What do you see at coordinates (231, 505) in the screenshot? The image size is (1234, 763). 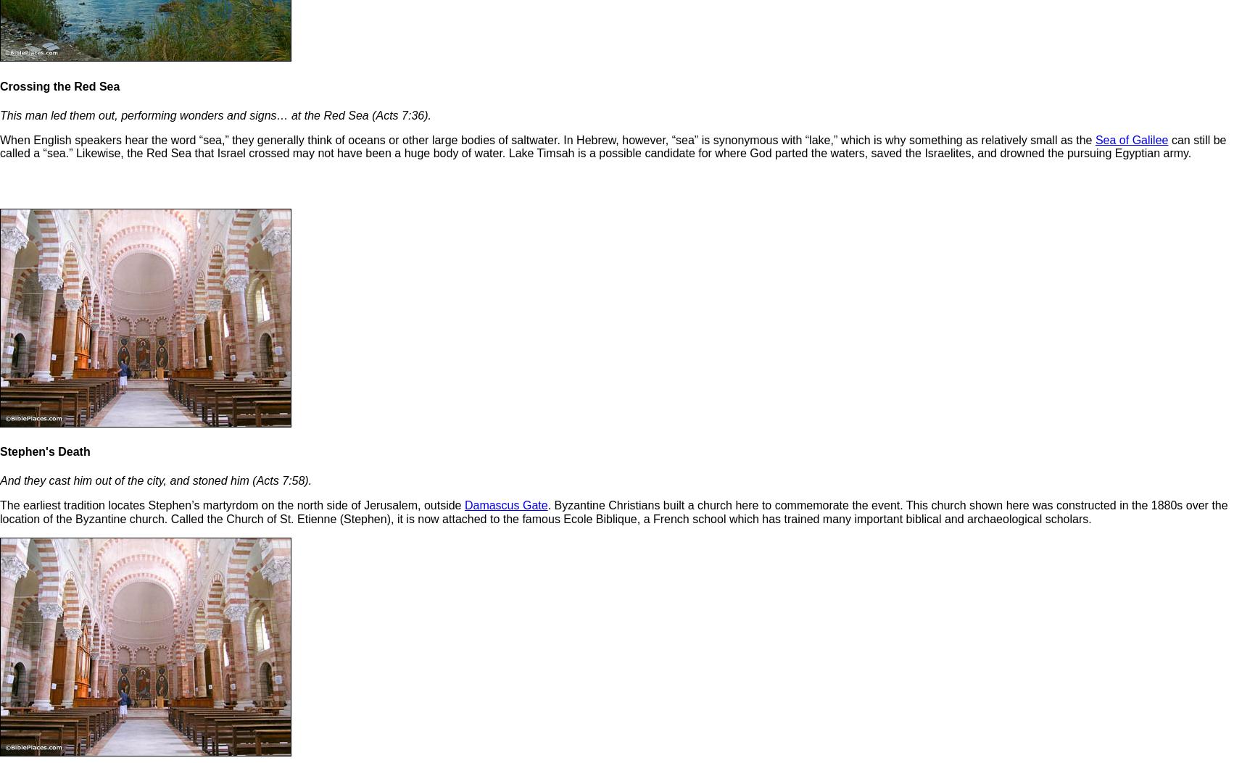 I see `'The earliest tradition locates Stephen’s martyrdom on the north side of Jerusalem, outside'` at bounding box center [231, 505].